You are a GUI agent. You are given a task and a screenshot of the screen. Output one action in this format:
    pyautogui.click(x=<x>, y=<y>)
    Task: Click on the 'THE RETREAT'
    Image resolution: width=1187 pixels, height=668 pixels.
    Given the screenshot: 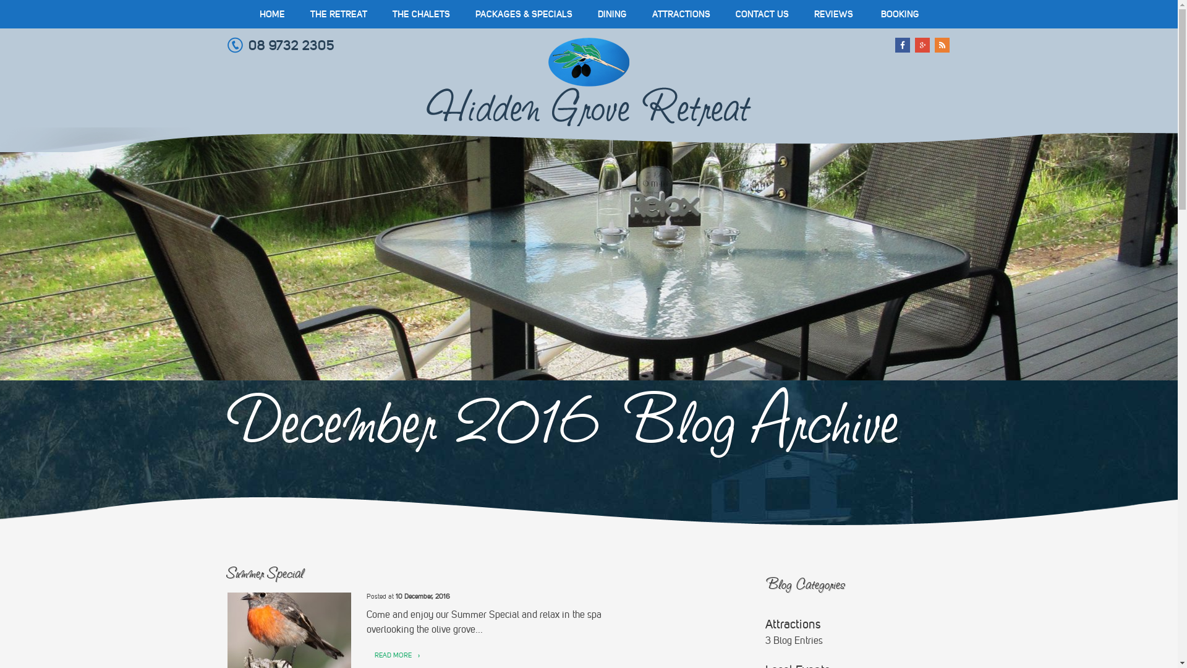 What is the action you would take?
    pyautogui.click(x=338, y=14)
    